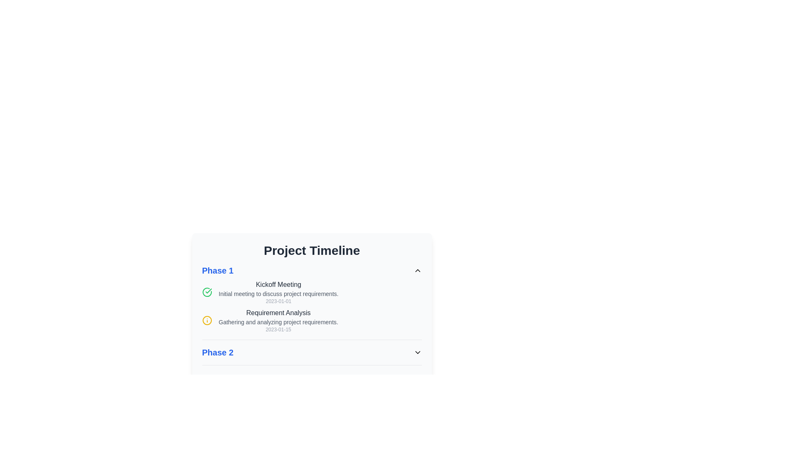  Describe the element at coordinates (311, 302) in the screenshot. I see `the titles in the 'Phase 1' List component` at that location.